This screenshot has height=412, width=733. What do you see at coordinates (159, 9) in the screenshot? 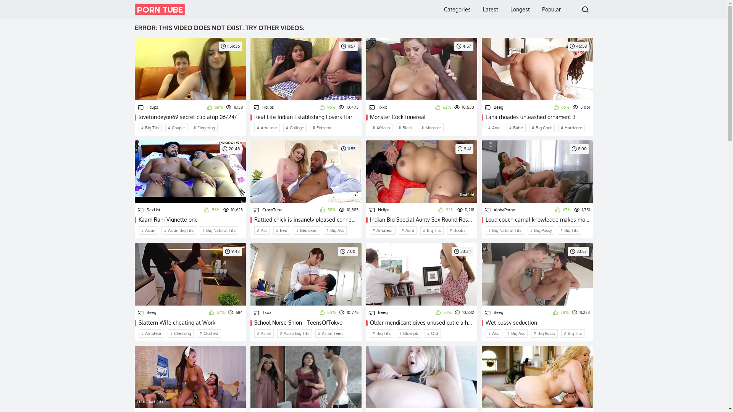
I see `'PORN TUBE'` at bounding box center [159, 9].